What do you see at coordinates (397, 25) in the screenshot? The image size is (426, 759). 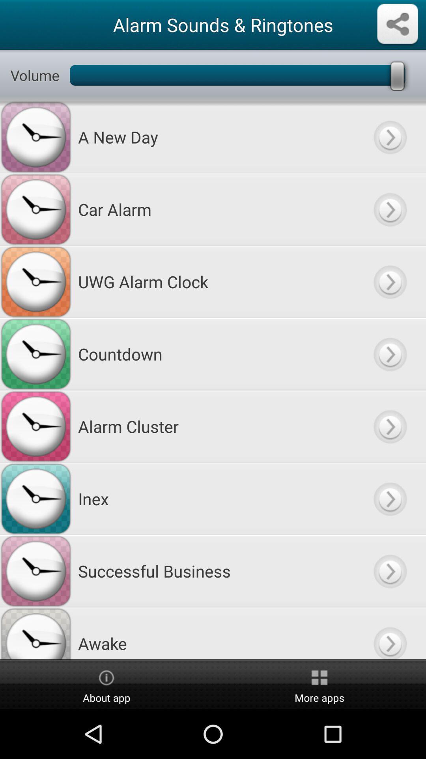 I see `share the sound` at bounding box center [397, 25].